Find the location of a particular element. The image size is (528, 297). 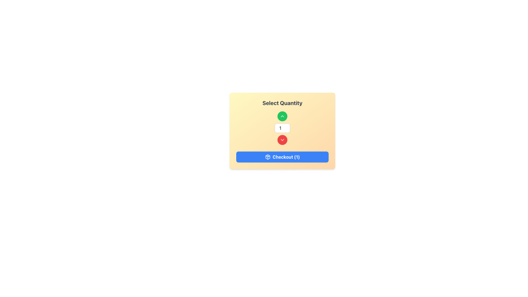

the downward-pointing chevron SVG icon with a red background, which serves as the decrement button for the quantity adjustment feature, located below the input field labeled '1' and above the blue button labeled 'Checkout (1).' is located at coordinates (282, 140).